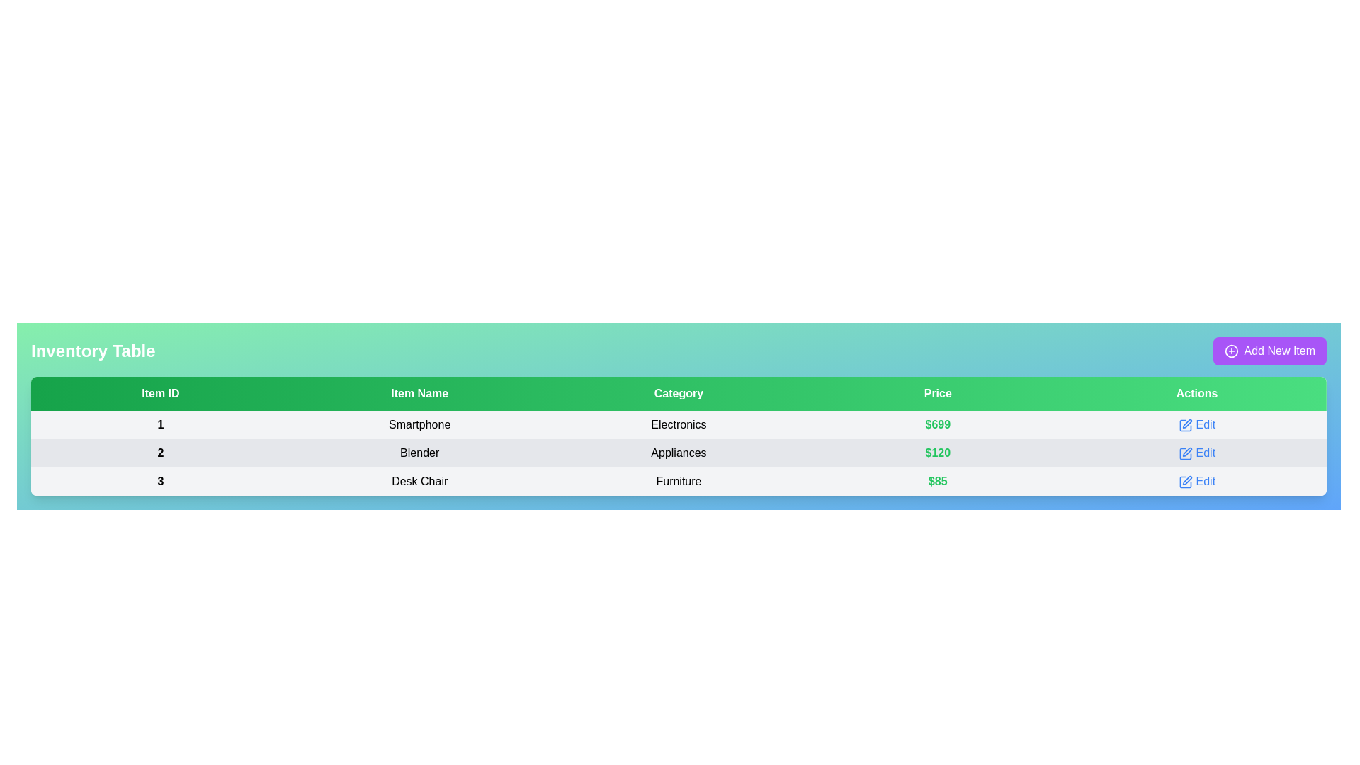  I want to click on the 'Item Name' column header label in the table, which is the second column header positioned between 'Item ID' and 'Category', so click(419, 393).